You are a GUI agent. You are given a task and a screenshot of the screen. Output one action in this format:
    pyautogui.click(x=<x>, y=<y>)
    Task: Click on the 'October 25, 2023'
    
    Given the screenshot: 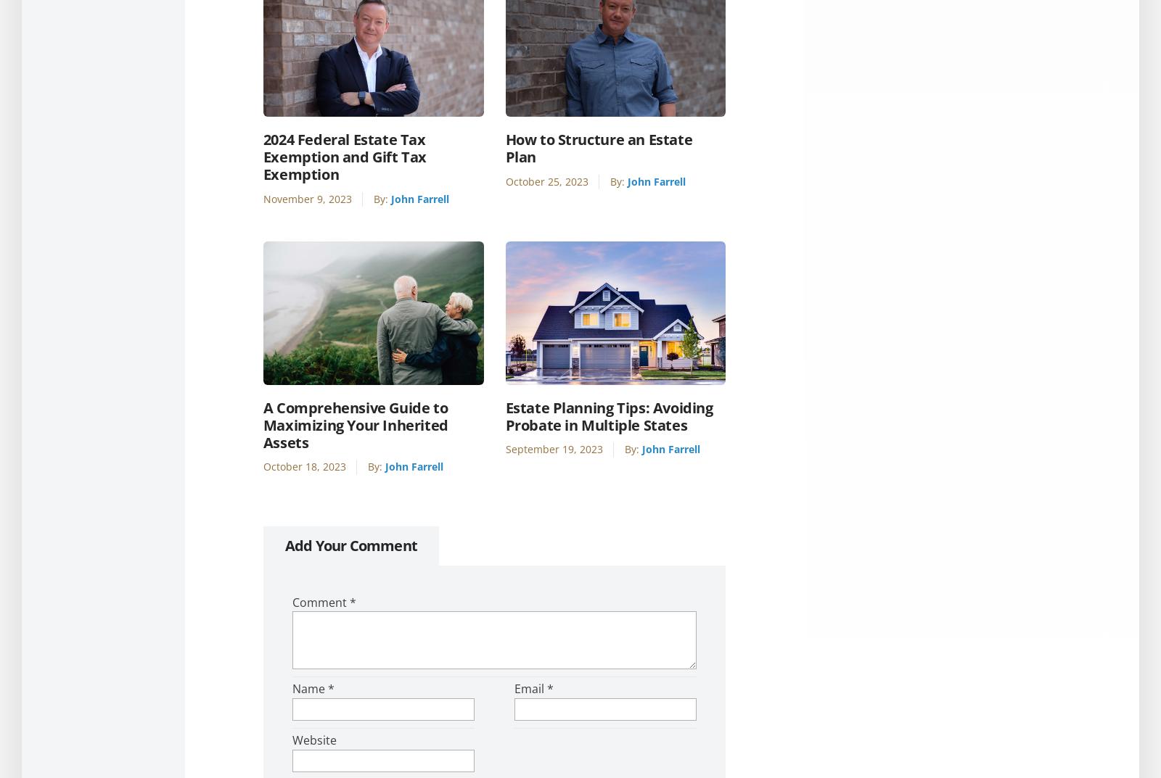 What is the action you would take?
    pyautogui.click(x=546, y=180)
    